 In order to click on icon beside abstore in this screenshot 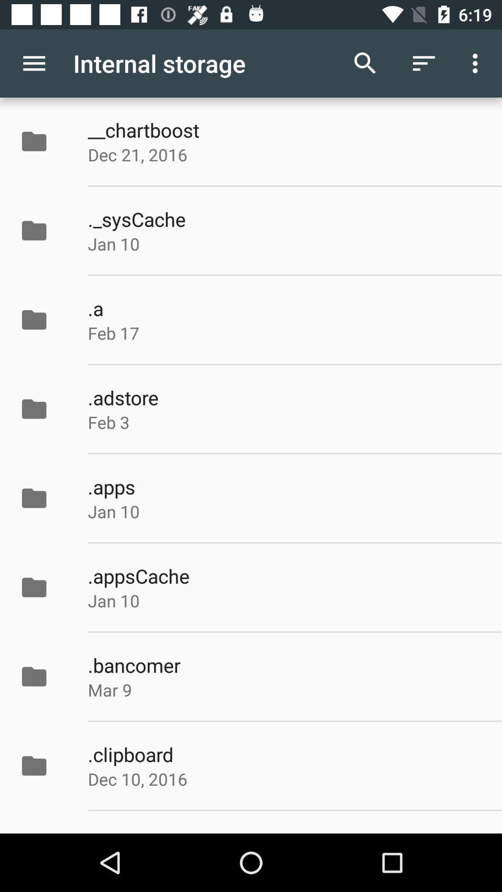, I will do `click(44, 409)`.